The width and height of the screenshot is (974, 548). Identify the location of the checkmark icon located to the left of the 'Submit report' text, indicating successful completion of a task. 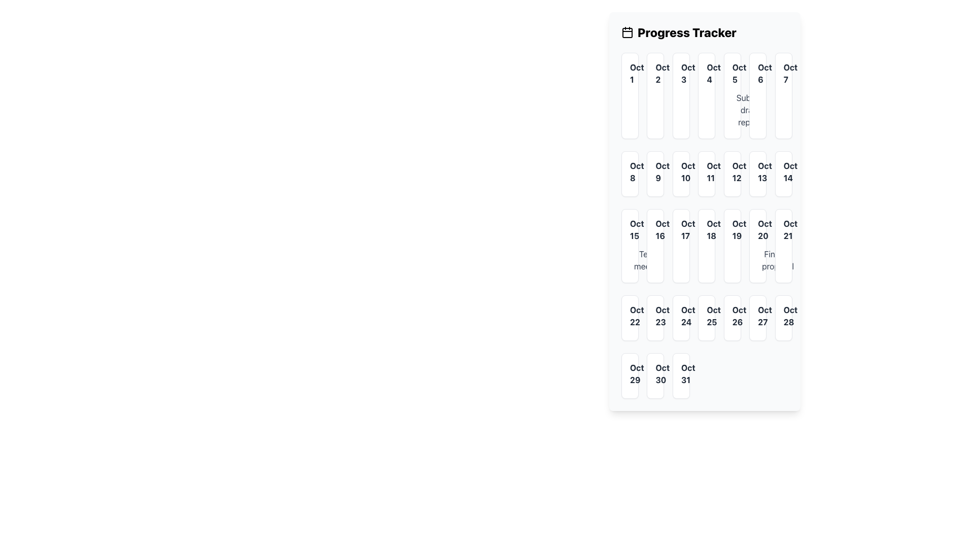
(738, 110).